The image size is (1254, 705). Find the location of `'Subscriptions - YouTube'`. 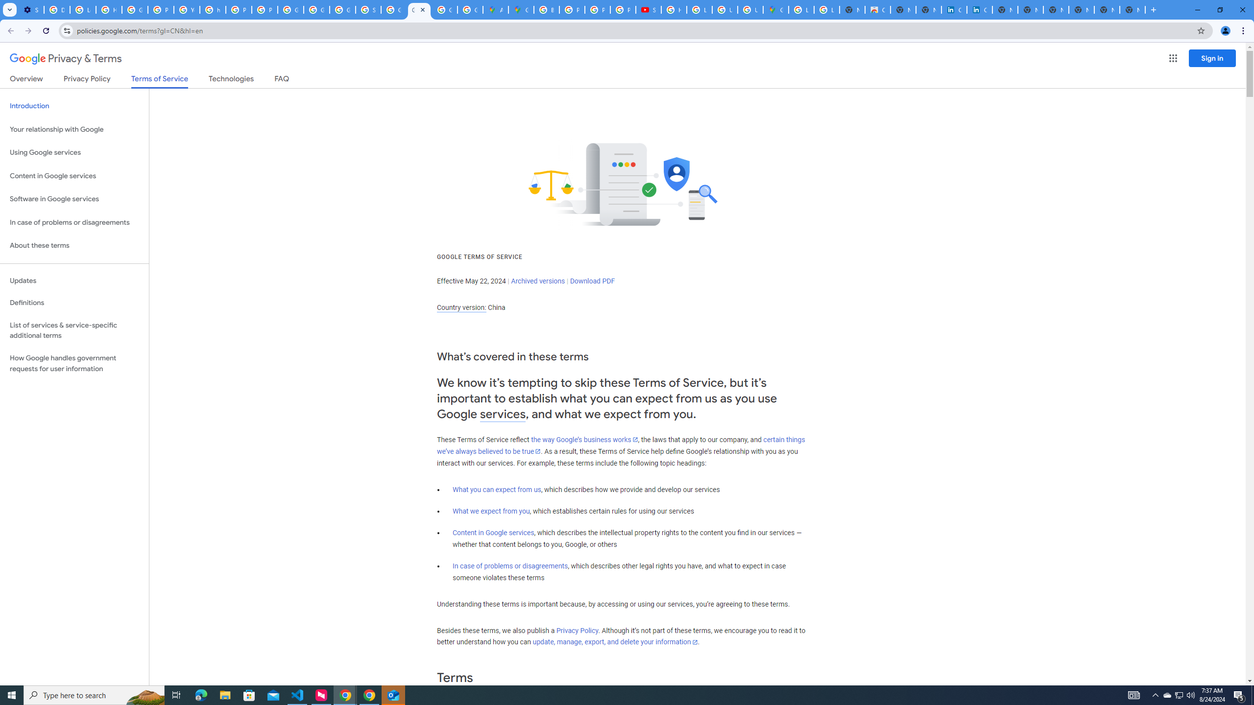

'Subscriptions - YouTube' is located at coordinates (649, 9).